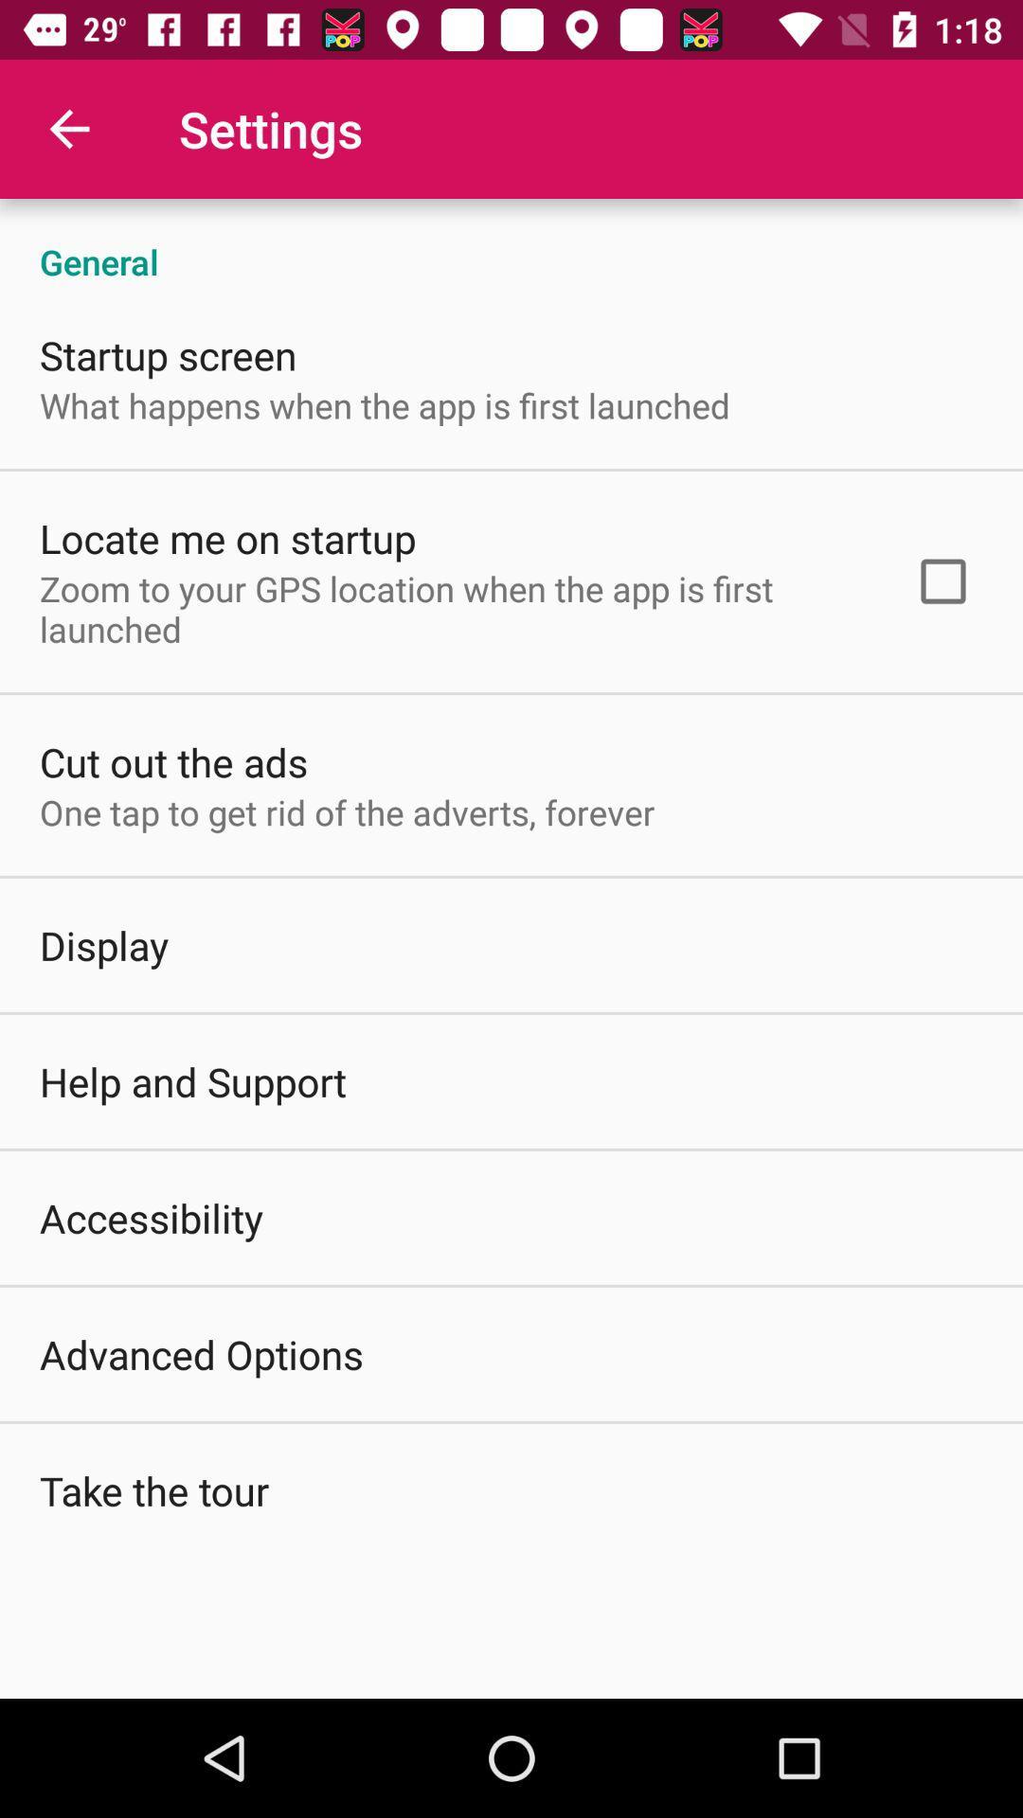  Describe the element at coordinates (511, 241) in the screenshot. I see `the icon above startup screen` at that location.